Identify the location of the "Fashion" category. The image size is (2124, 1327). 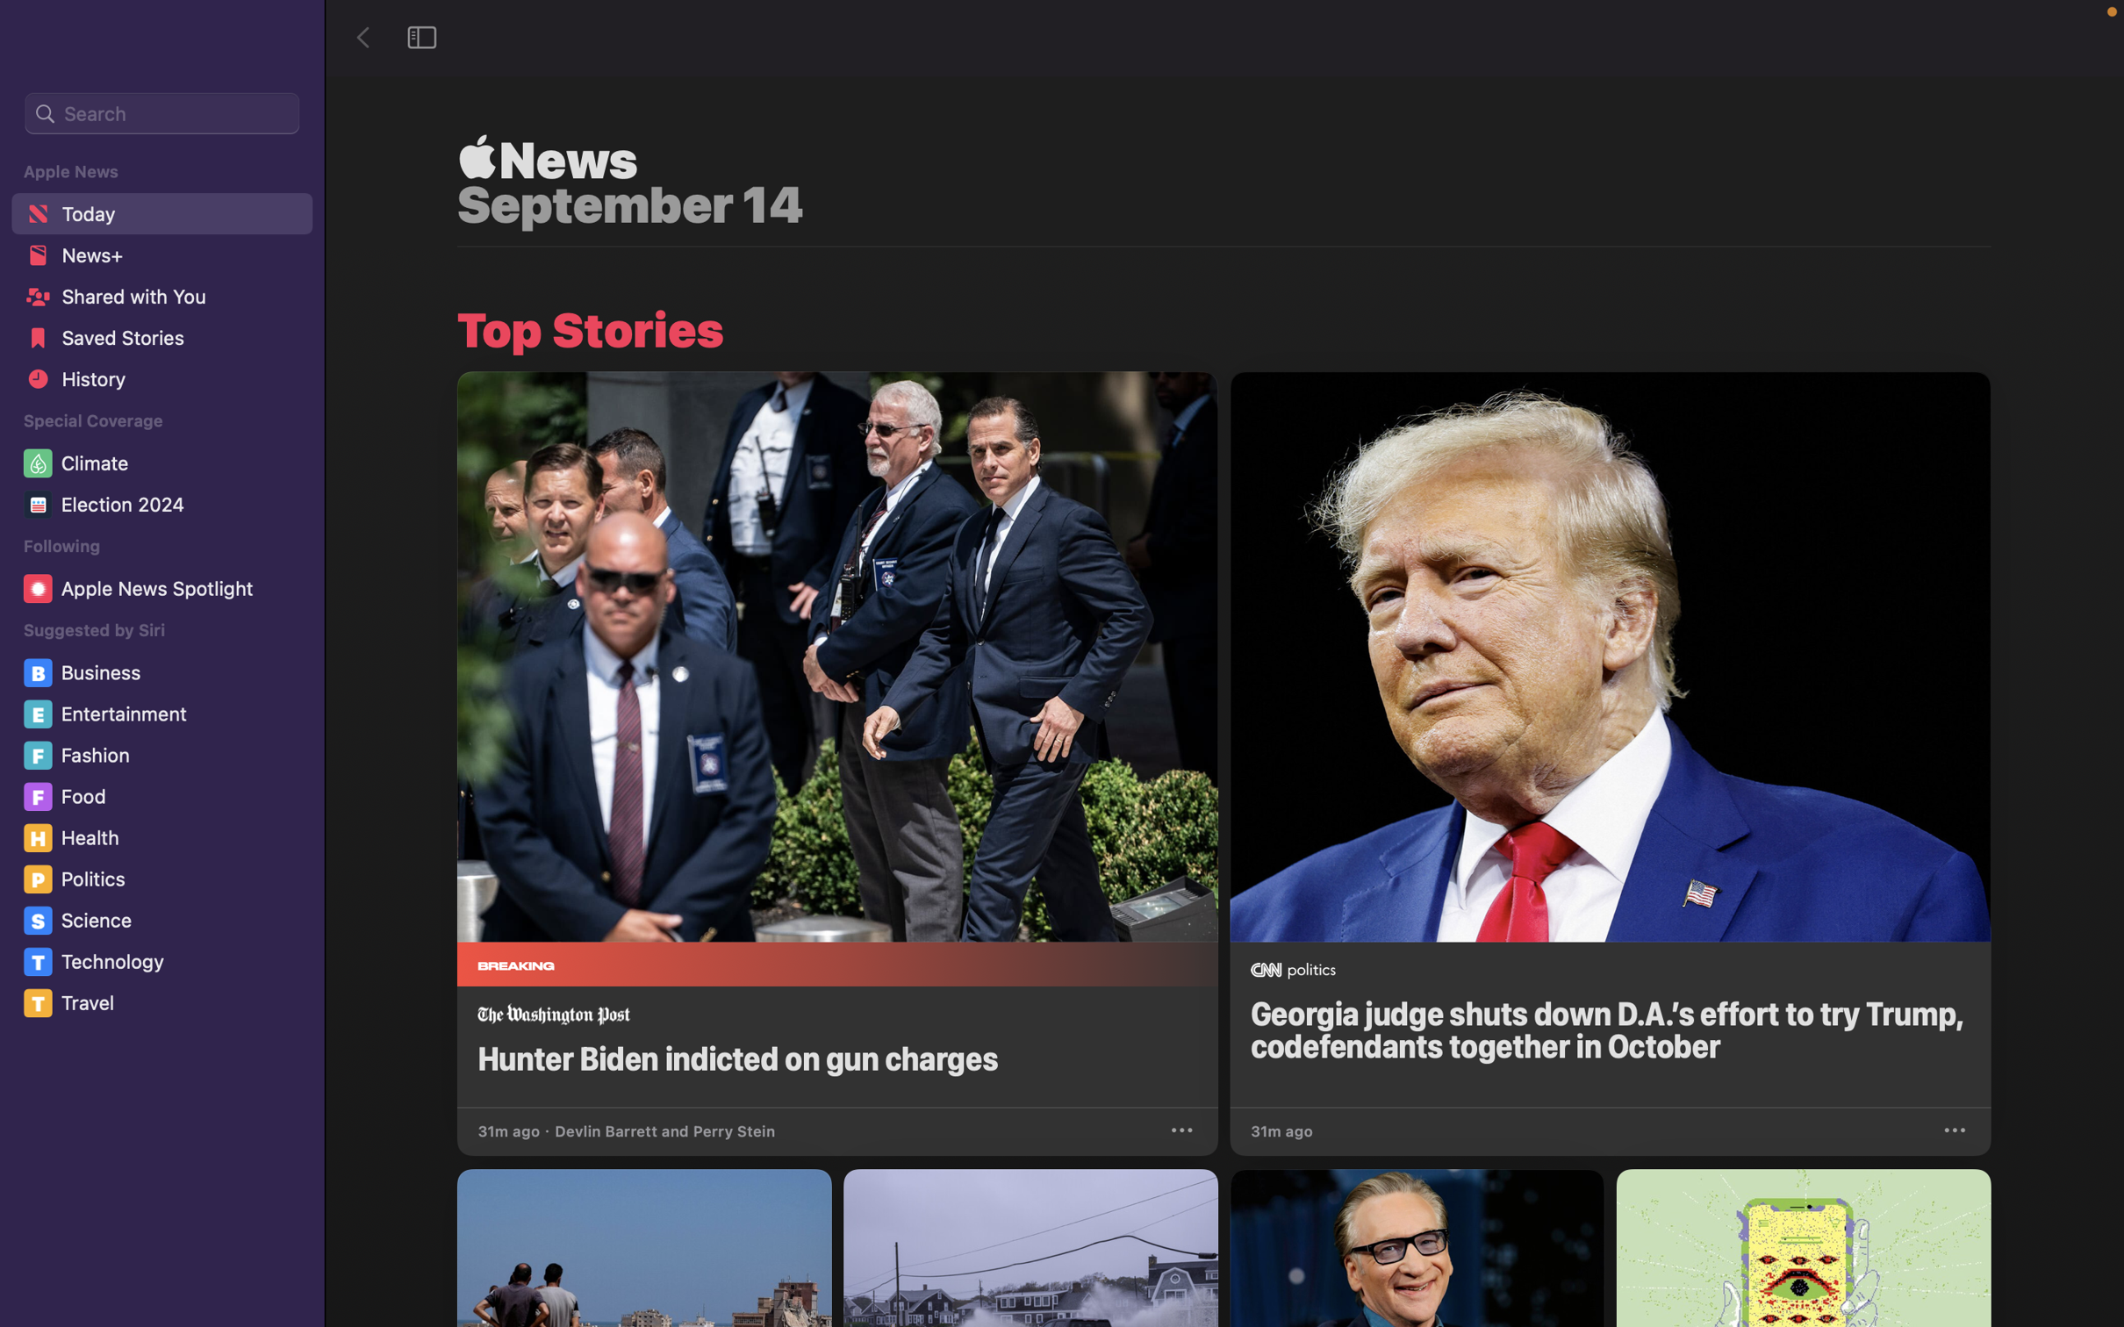
(164, 755).